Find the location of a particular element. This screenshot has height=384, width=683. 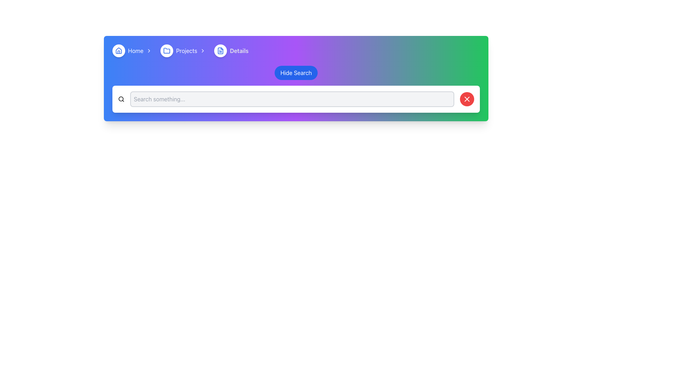

on the 'Details' text element in the breadcrumb navigation, which indicates the current section is located at coordinates (239, 50).